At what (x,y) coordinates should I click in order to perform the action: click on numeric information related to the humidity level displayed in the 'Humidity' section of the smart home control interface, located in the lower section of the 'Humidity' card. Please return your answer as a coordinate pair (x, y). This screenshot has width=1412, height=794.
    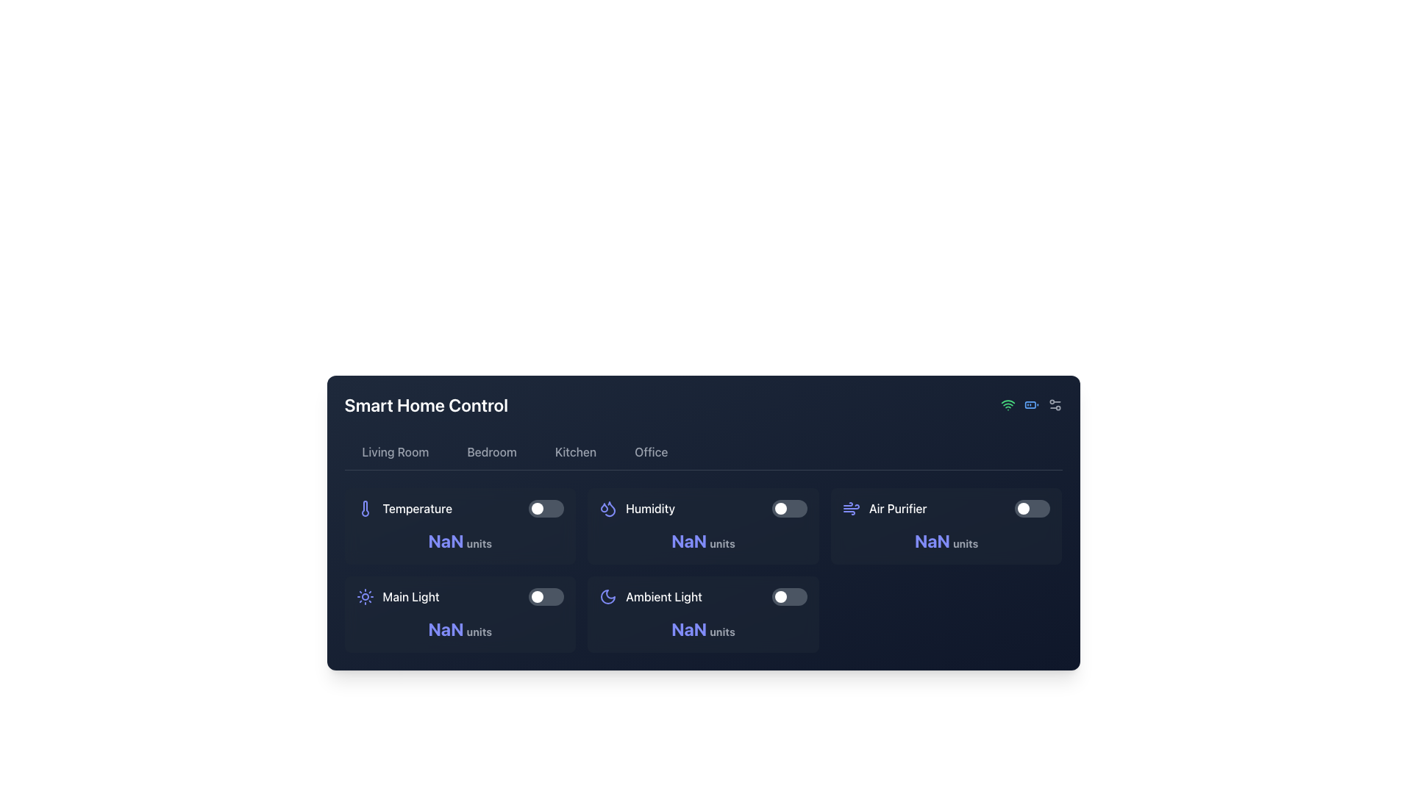
    Looking at the image, I should click on (702, 541).